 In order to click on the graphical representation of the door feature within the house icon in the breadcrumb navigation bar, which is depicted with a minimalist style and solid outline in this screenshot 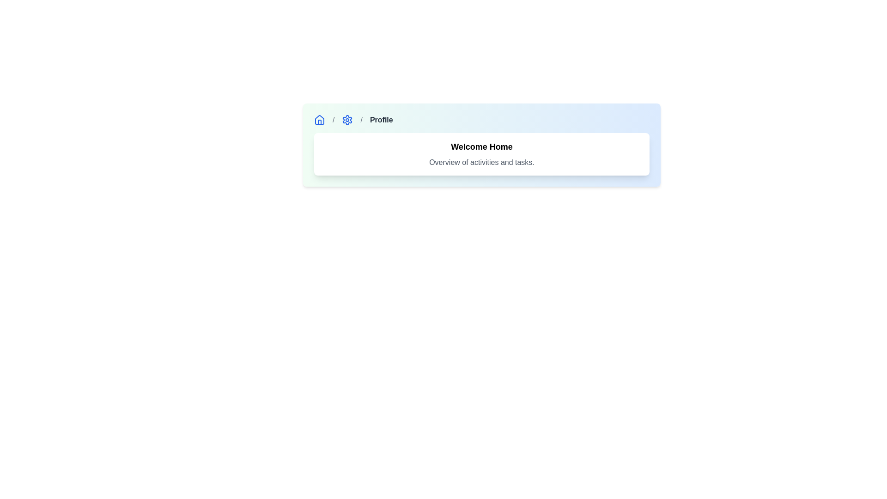, I will do `click(319, 122)`.